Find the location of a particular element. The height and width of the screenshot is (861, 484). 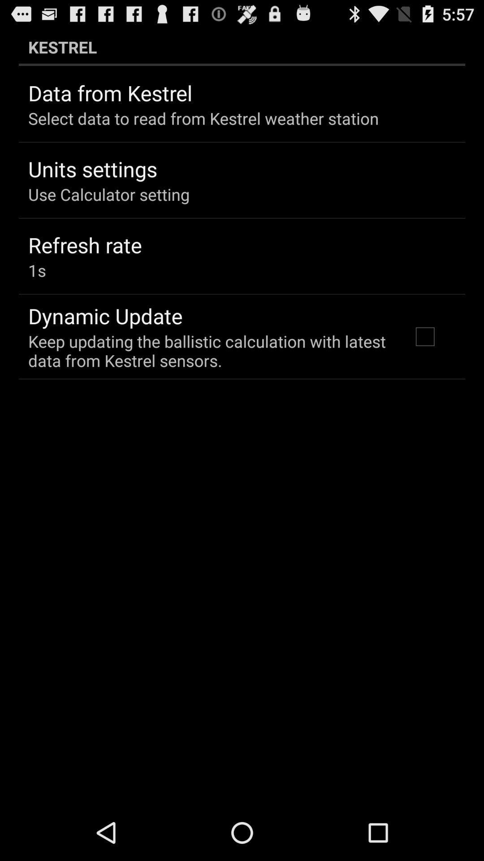

the select data to item is located at coordinates (203, 118).